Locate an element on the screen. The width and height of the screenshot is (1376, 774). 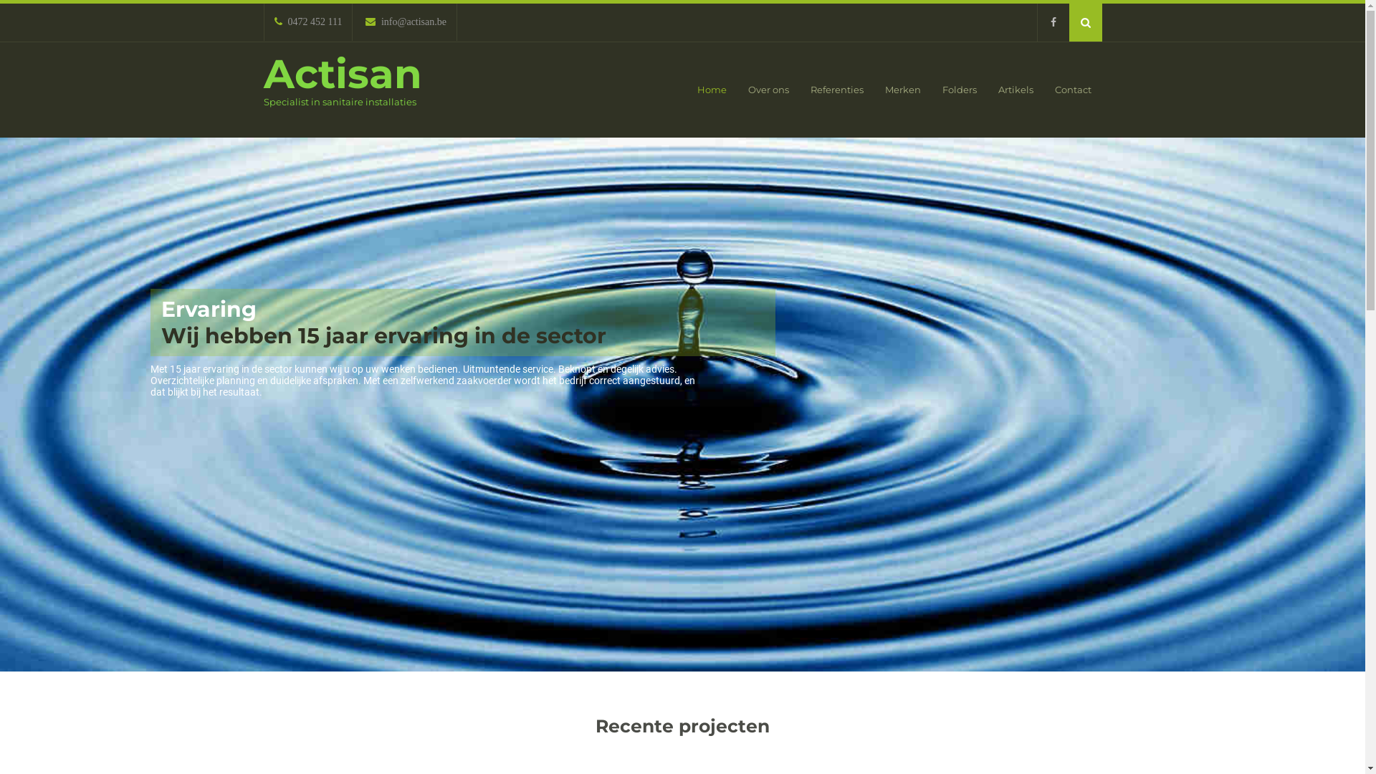
'Over ons' is located at coordinates (767, 90).